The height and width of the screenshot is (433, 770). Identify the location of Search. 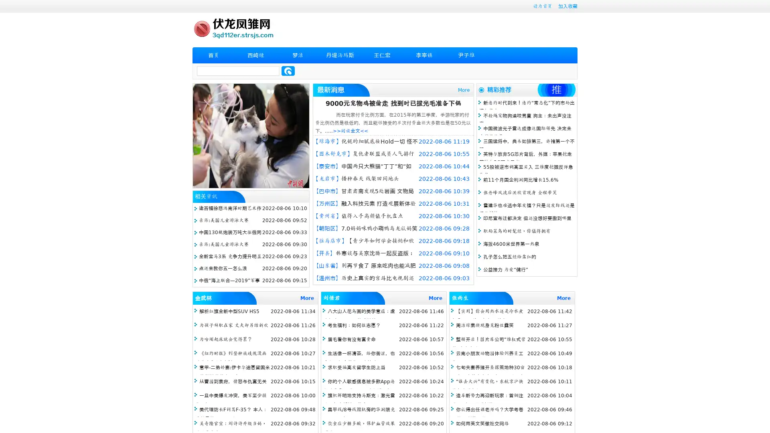
(288, 71).